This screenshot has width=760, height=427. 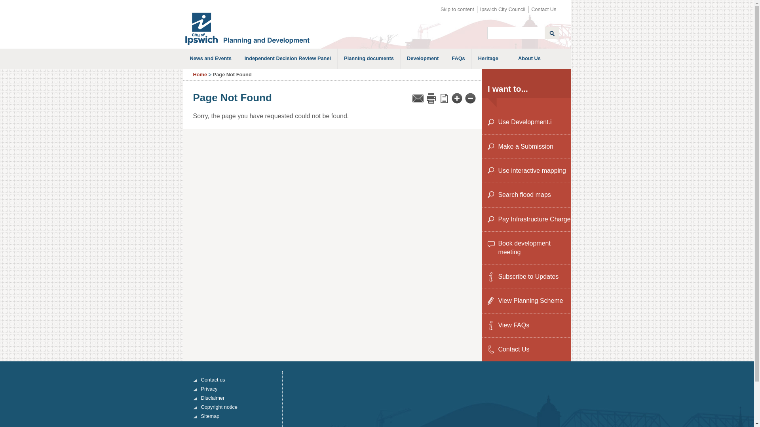 What do you see at coordinates (505, 59) in the screenshot?
I see `'About Us'` at bounding box center [505, 59].